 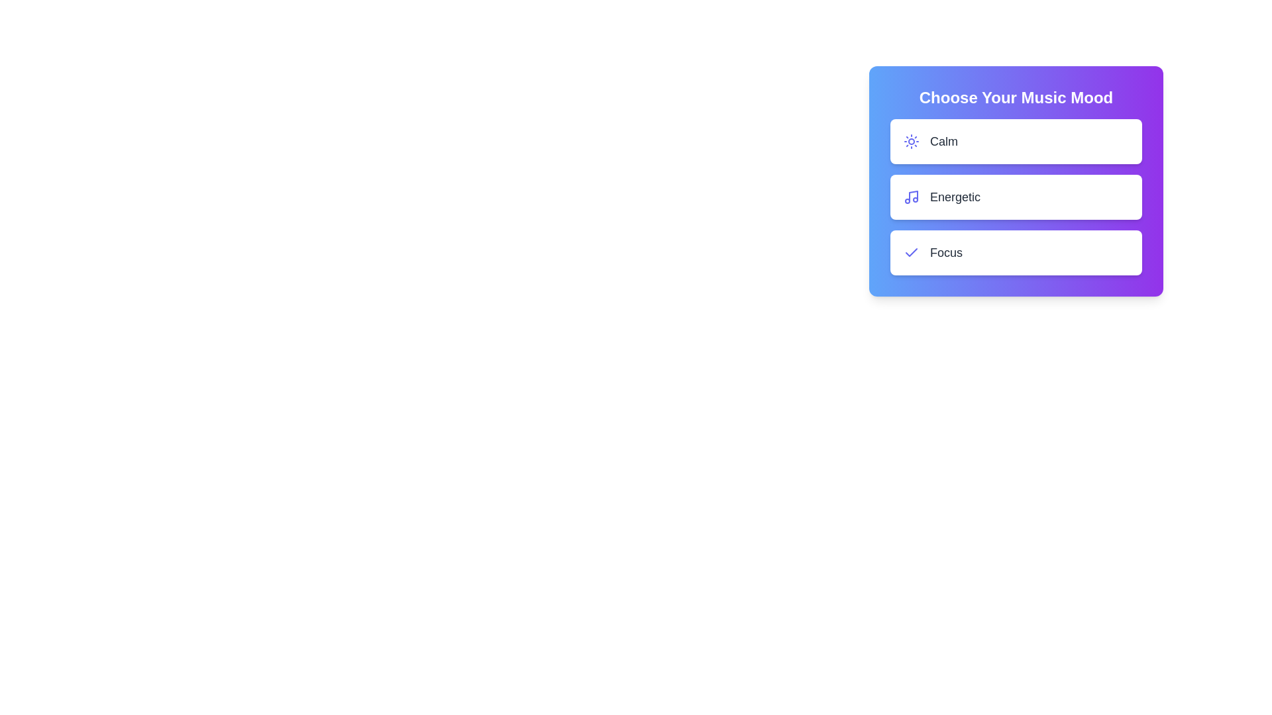 I want to click on the clickable list item labeled 'Focus' which is the third item in a vertical stack, to observe the style change, so click(x=1016, y=252).